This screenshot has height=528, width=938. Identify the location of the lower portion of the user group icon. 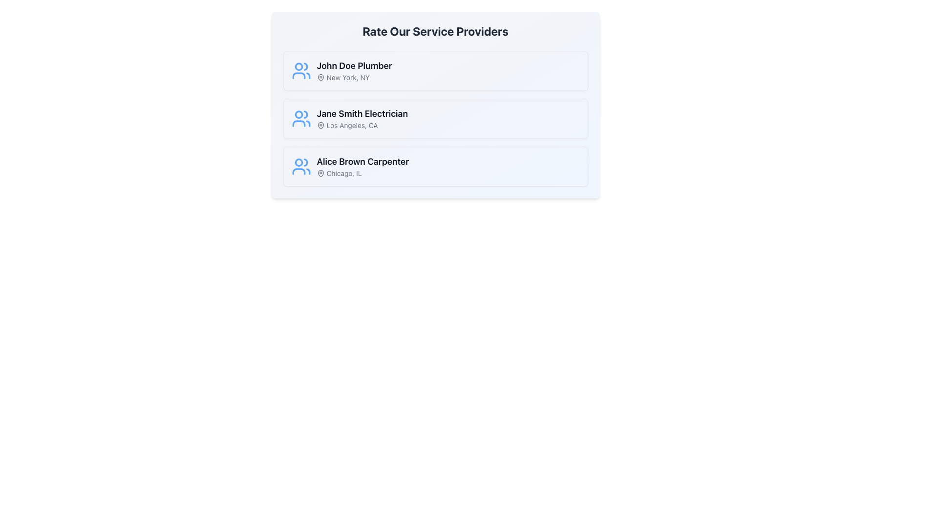
(298, 171).